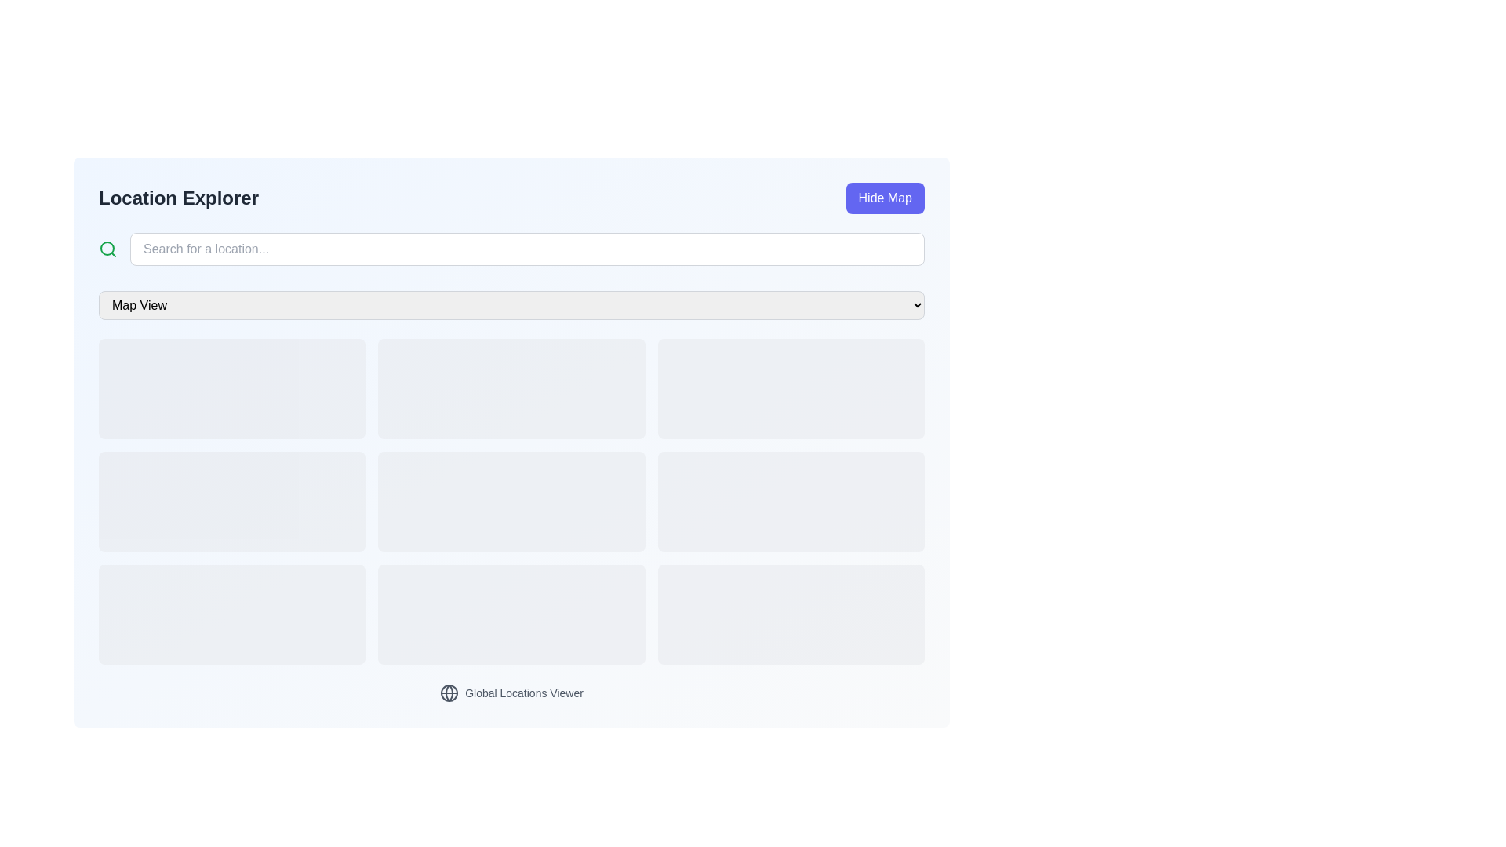 This screenshot has width=1506, height=847. I want to click on the dropdown menu located beneath the search bar, which currently displays 'Map View', so click(511, 305).